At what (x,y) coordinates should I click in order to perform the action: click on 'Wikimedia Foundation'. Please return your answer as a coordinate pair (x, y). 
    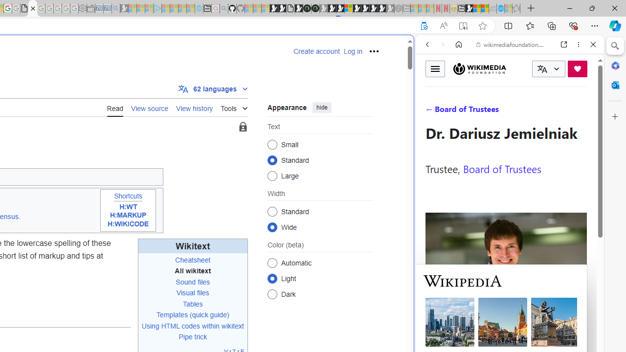
    Looking at the image, I should click on (479, 68).